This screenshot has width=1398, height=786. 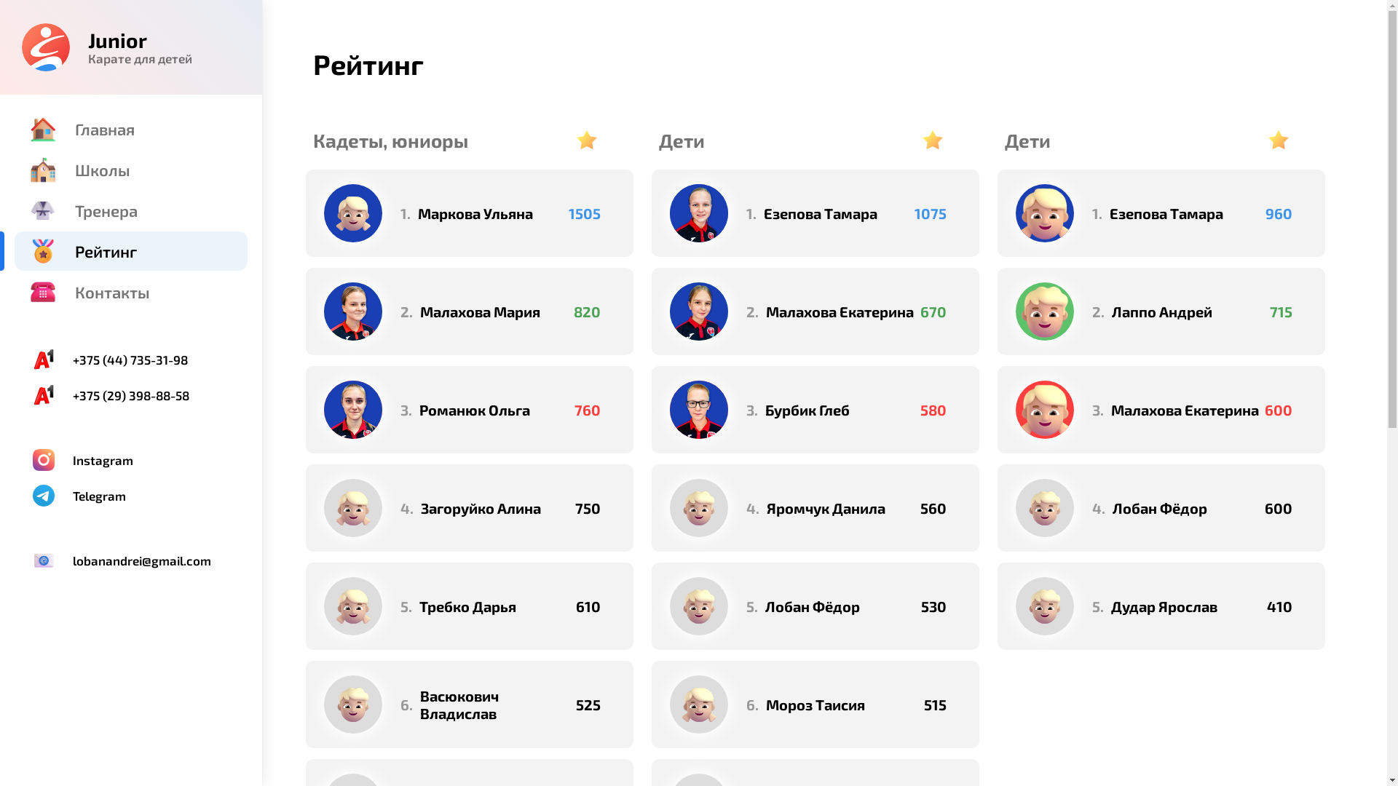 I want to click on 'Telegram', so click(x=131, y=495).